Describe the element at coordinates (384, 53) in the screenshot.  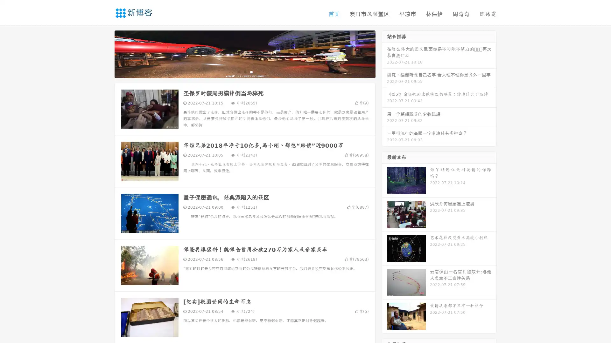
I see `Next slide` at that location.